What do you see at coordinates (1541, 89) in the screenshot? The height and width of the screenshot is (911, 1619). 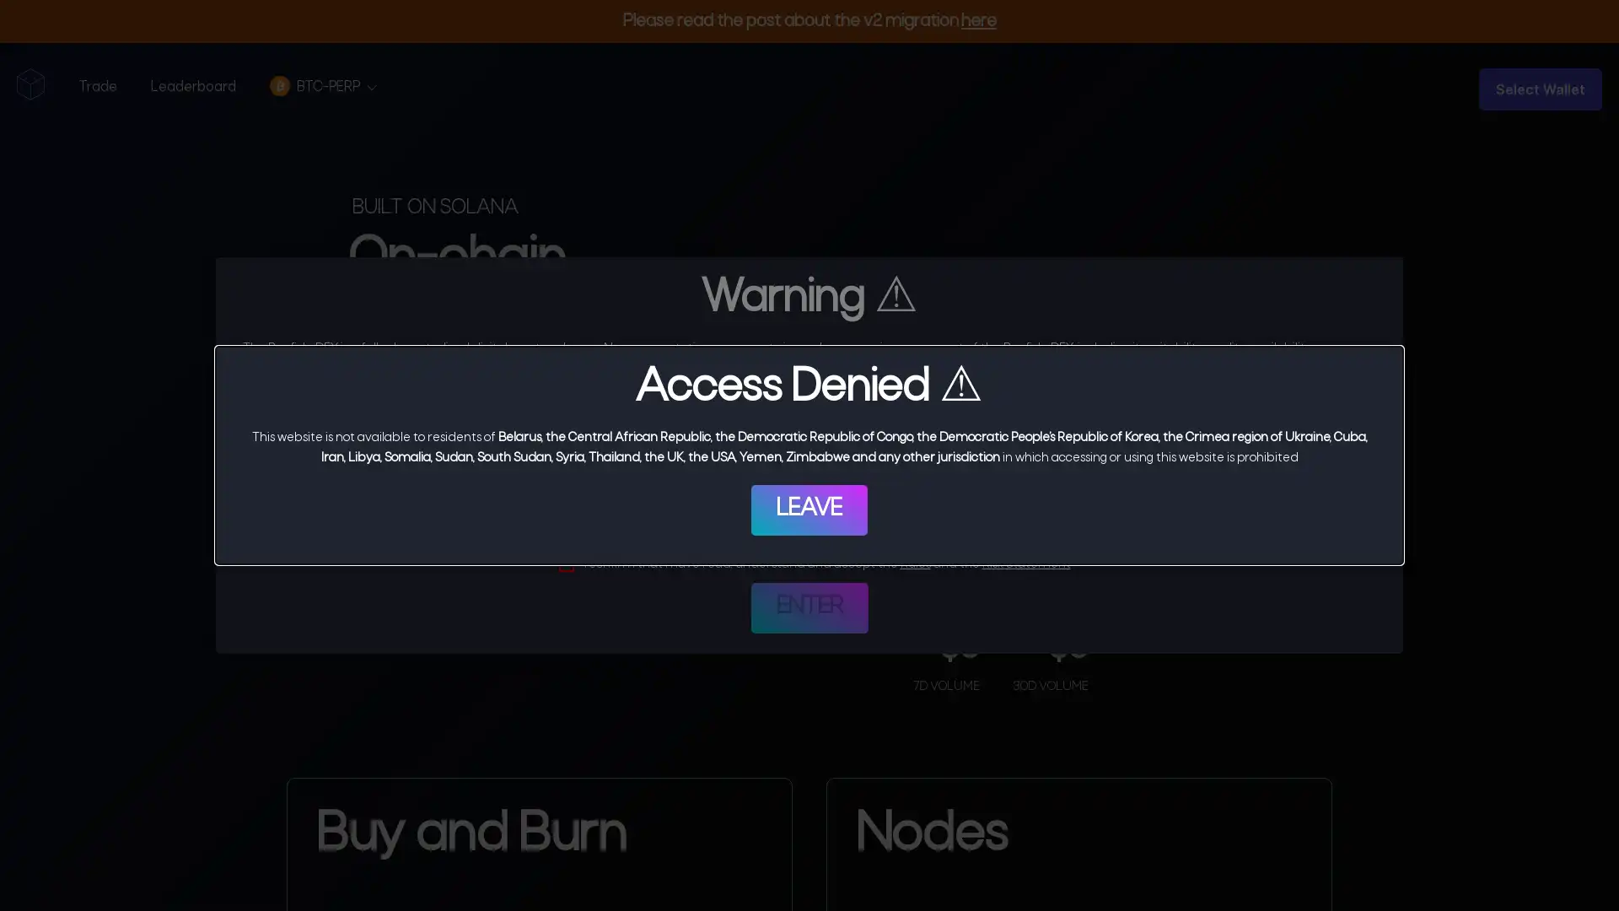 I see `Select Wallet` at bounding box center [1541, 89].